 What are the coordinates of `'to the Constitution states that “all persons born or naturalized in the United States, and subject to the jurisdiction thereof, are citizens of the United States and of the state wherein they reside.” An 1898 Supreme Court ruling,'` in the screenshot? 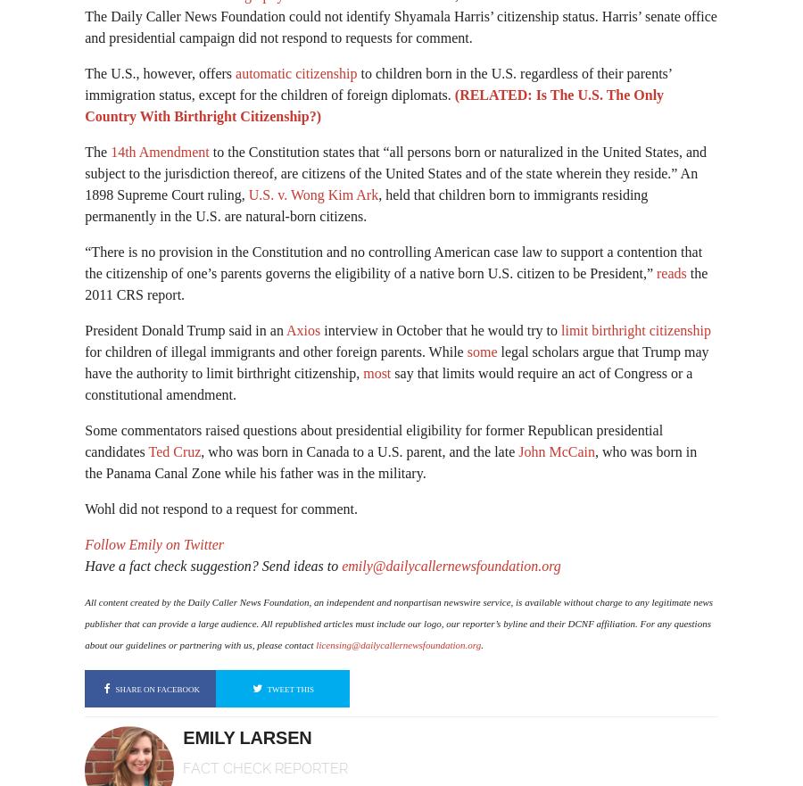 It's located at (395, 173).